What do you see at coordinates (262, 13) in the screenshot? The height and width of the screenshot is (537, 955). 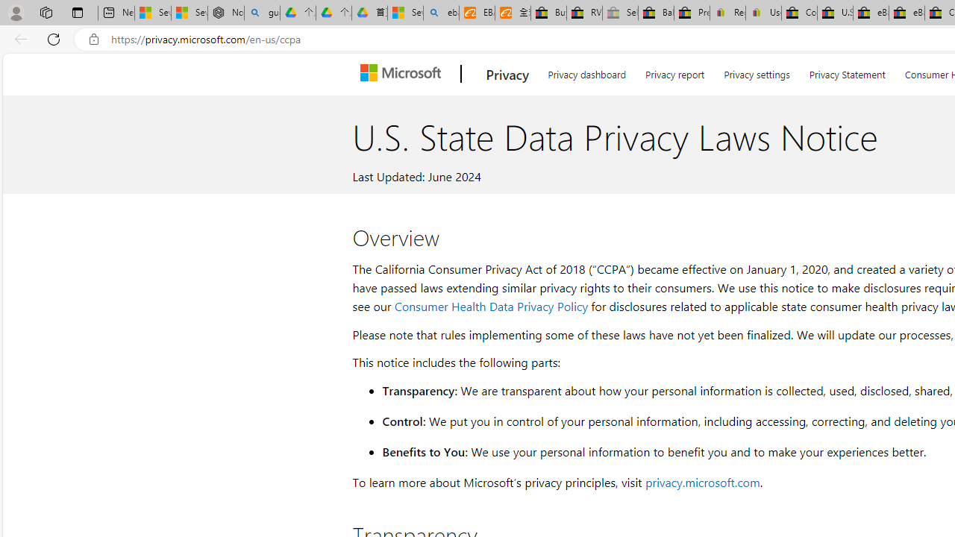 I see `'guge yunpan - Search'` at bounding box center [262, 13].